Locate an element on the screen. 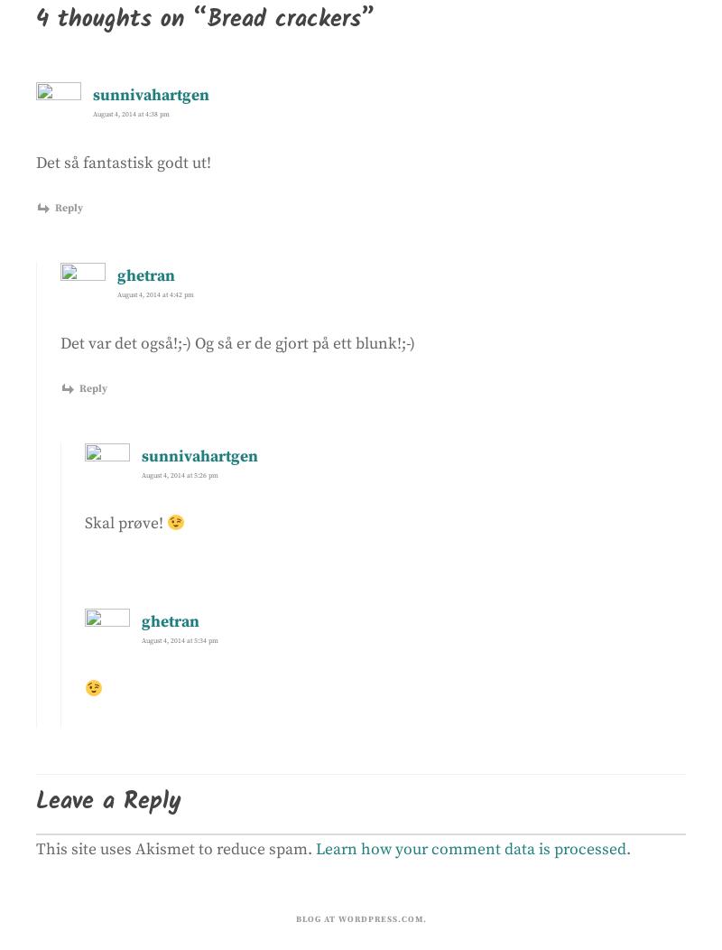  'August 4, 2014 at 4:42 pm' is located at coordinates (116, 293).